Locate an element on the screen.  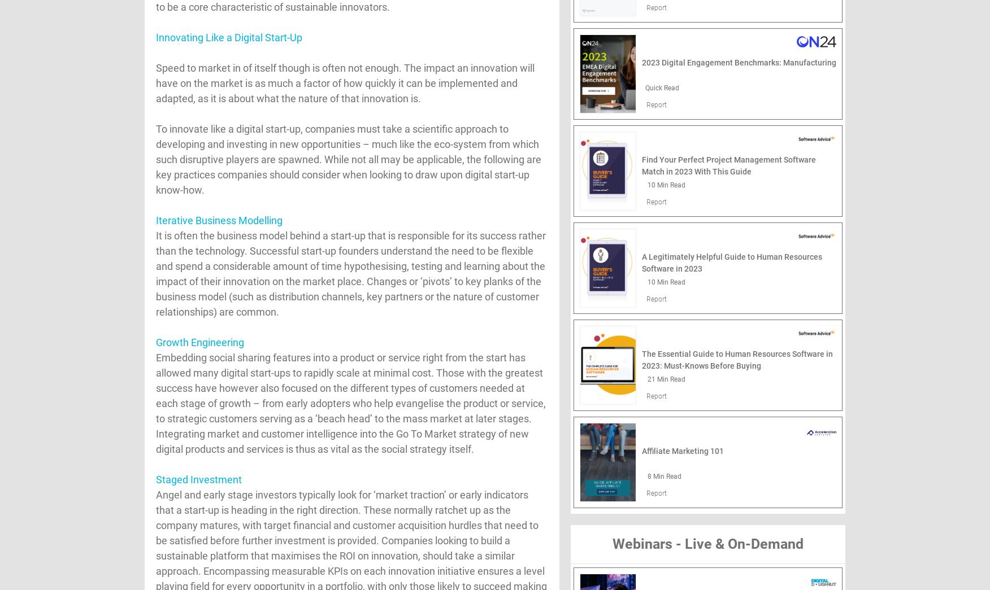
'Embedding social sharing features into a product or service right from the start has allowed many digital start-ups to rapidly scale at minimal cost. Those with the greatest success have however also focused on the different types of customers needed at each stage of growth – from early adopters who help evangelise the product or service, to strategic customers serving as a ‘beach head’ to the mass market at later stages. Integrating market and customer intelligence into the Go To Market strategy of new digital products and services is thus as vital as the social strategy itself.' is located at coordinates (351, 403).